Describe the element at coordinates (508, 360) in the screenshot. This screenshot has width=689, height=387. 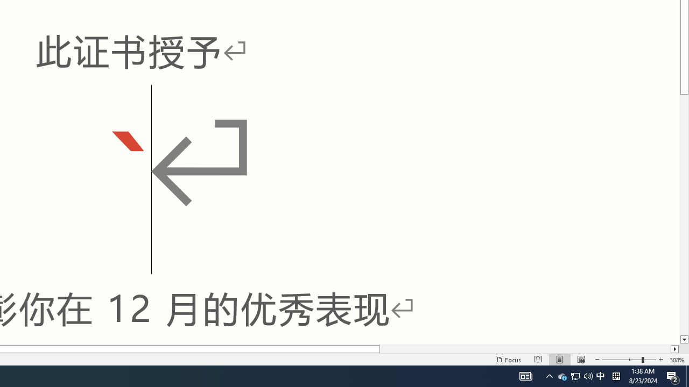
I see `'Focus '` at that location.